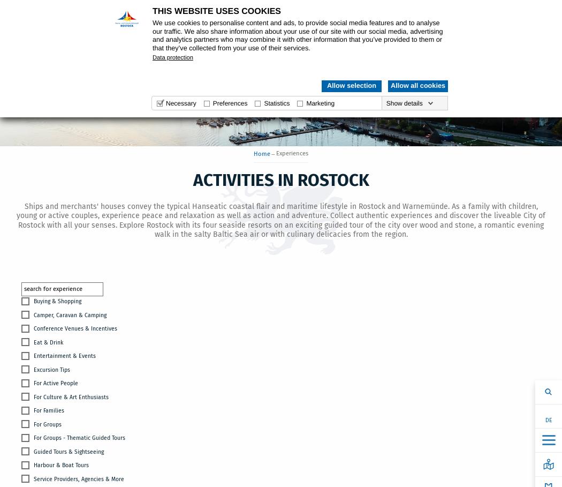 Image resolution: width=562 pixels, height=487 pixels. I want to click on 'Deutsch', so click(508, 413).